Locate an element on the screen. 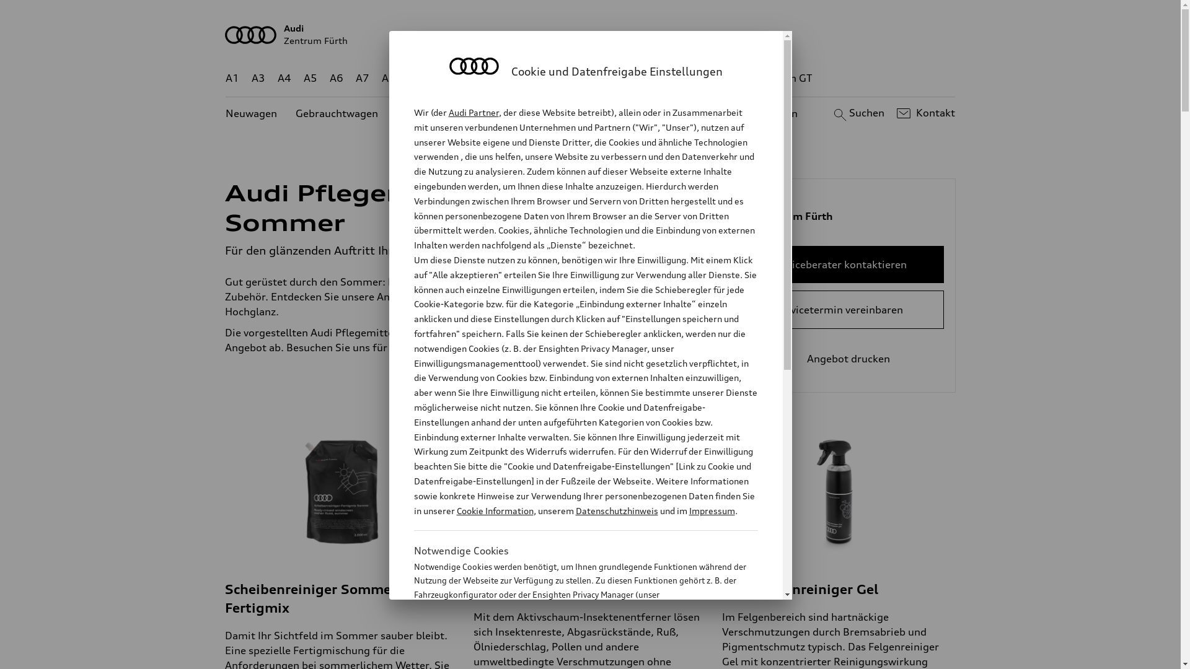 The height and width of the screenshot is (669, 1190). 'Cookie Information' is located at coordinates (571, 655).